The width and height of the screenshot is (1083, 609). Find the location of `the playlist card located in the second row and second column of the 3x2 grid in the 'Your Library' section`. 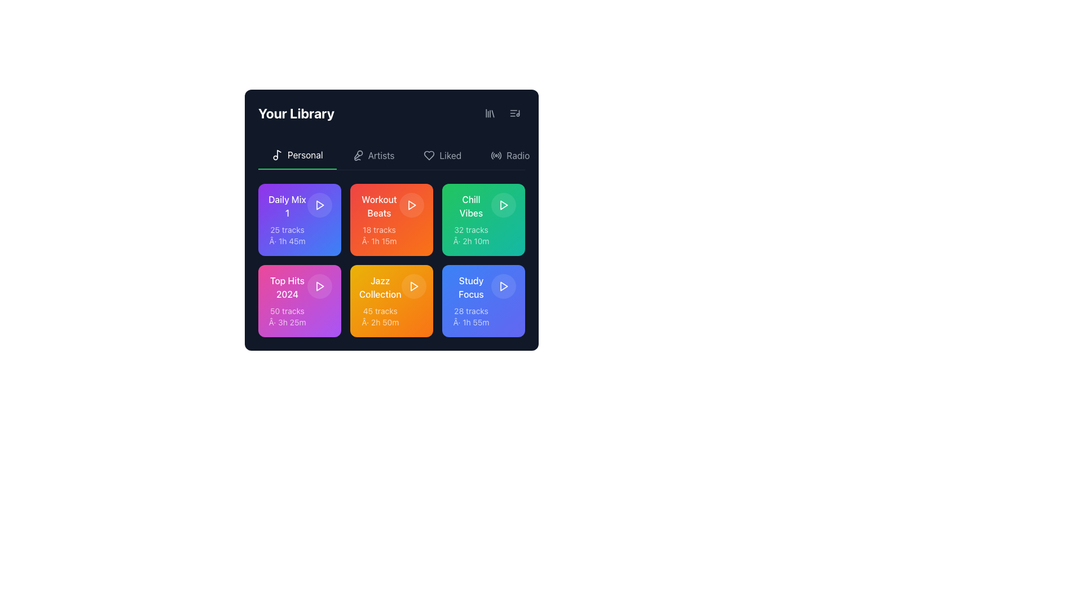

the playlist card located in the second row and second column of the 3x2 grid in the 'Your Library' section is located at coordinates (391, 261).